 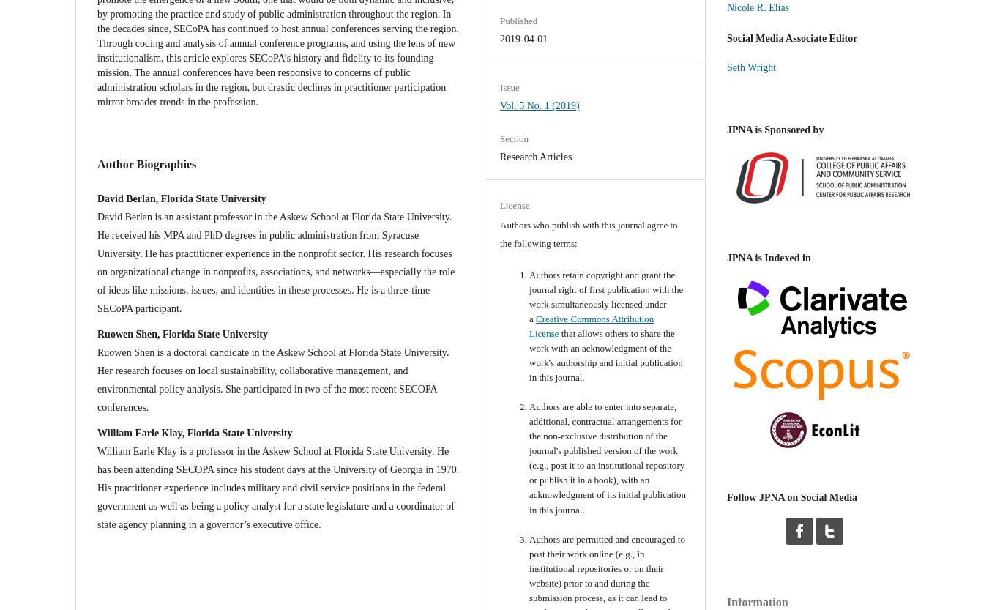 I want to click on 'Authors who publish with this journal agree to the following terms:', so click(x=588, y=234).